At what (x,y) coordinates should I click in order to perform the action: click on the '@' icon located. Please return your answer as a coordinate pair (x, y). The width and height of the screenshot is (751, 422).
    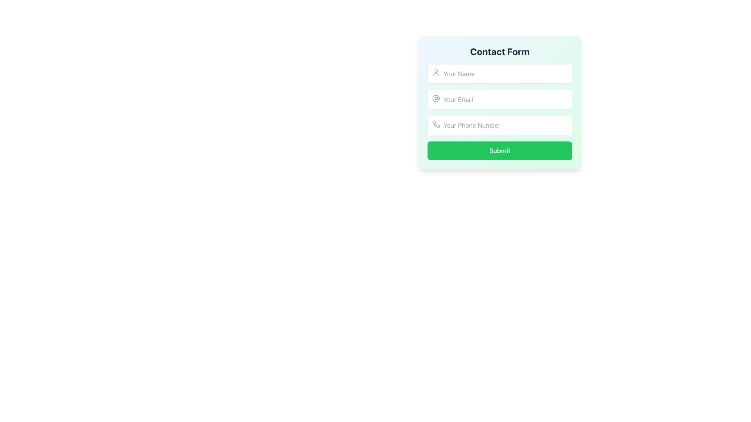
    Looking at the image, I should click on (435, 98).